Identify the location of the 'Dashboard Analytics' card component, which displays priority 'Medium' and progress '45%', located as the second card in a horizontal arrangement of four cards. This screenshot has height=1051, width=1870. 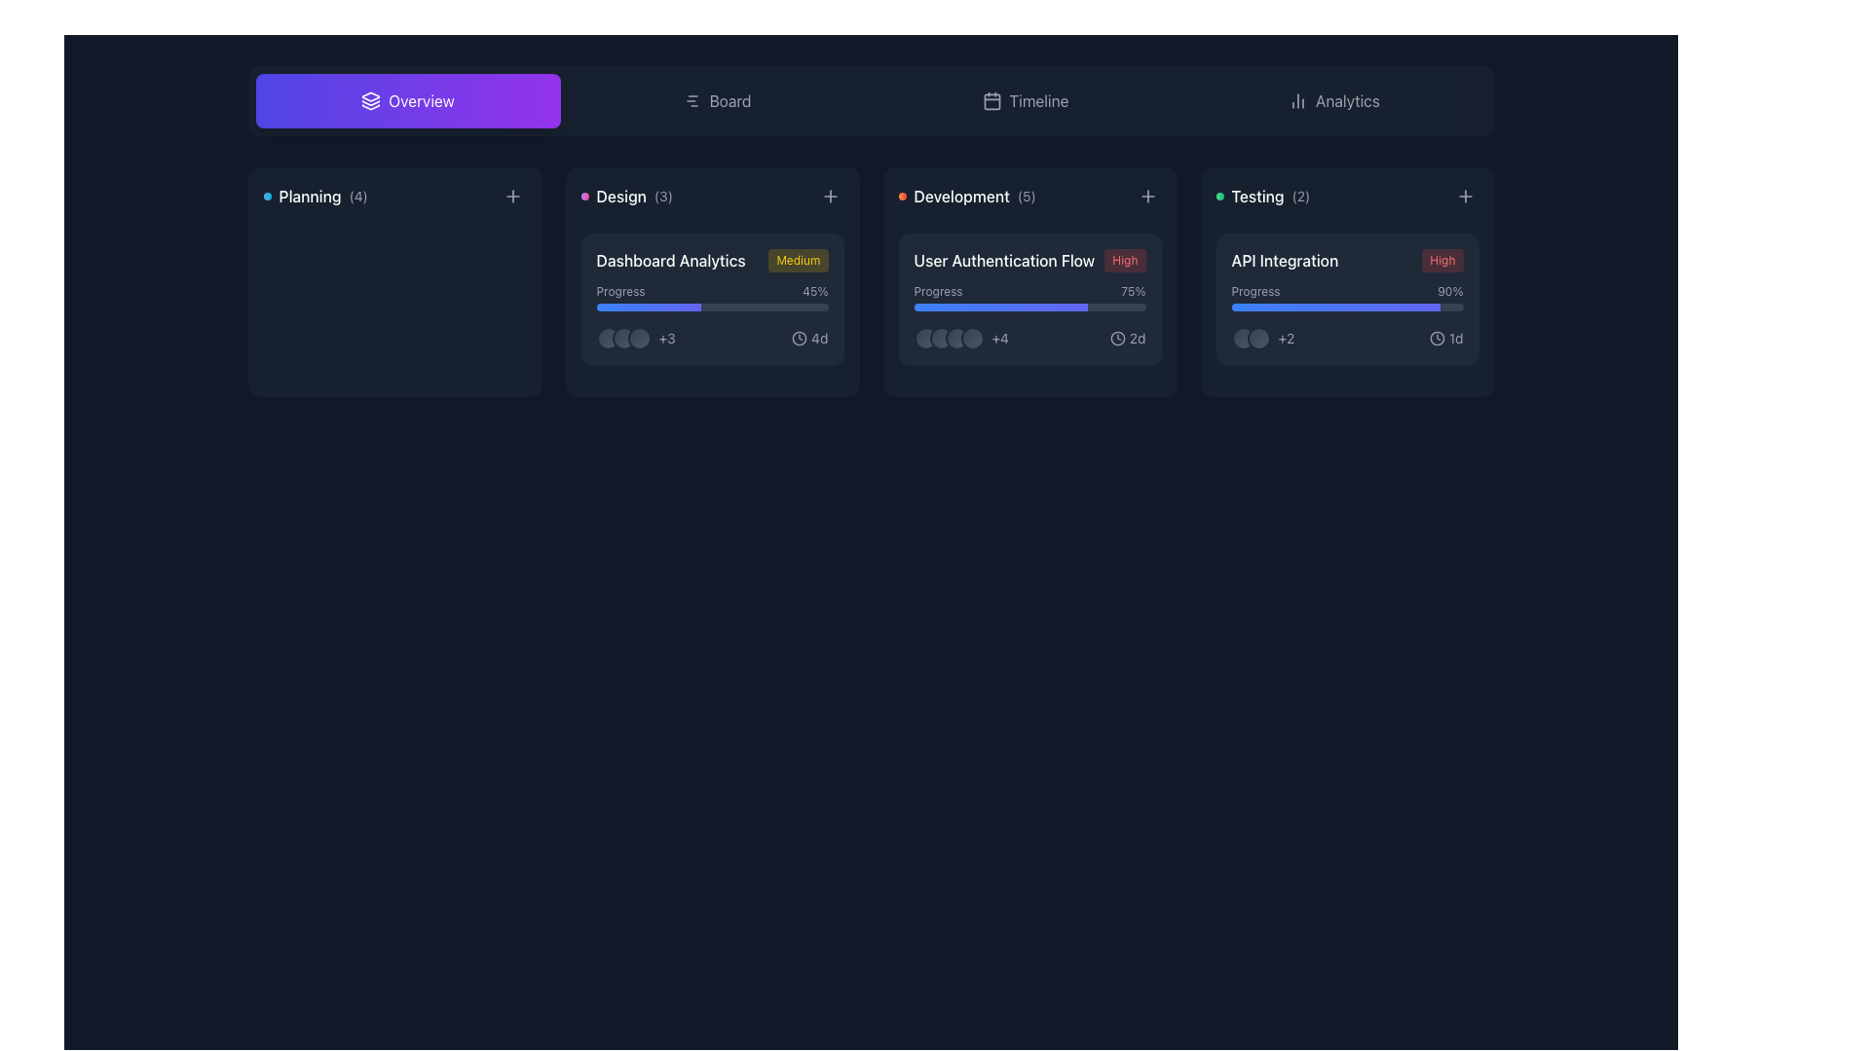
(711, 281).